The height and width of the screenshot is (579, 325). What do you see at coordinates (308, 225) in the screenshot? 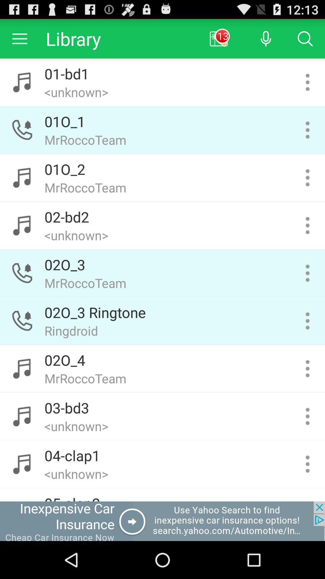
I see `for setting` at bounding box center [308, 225].